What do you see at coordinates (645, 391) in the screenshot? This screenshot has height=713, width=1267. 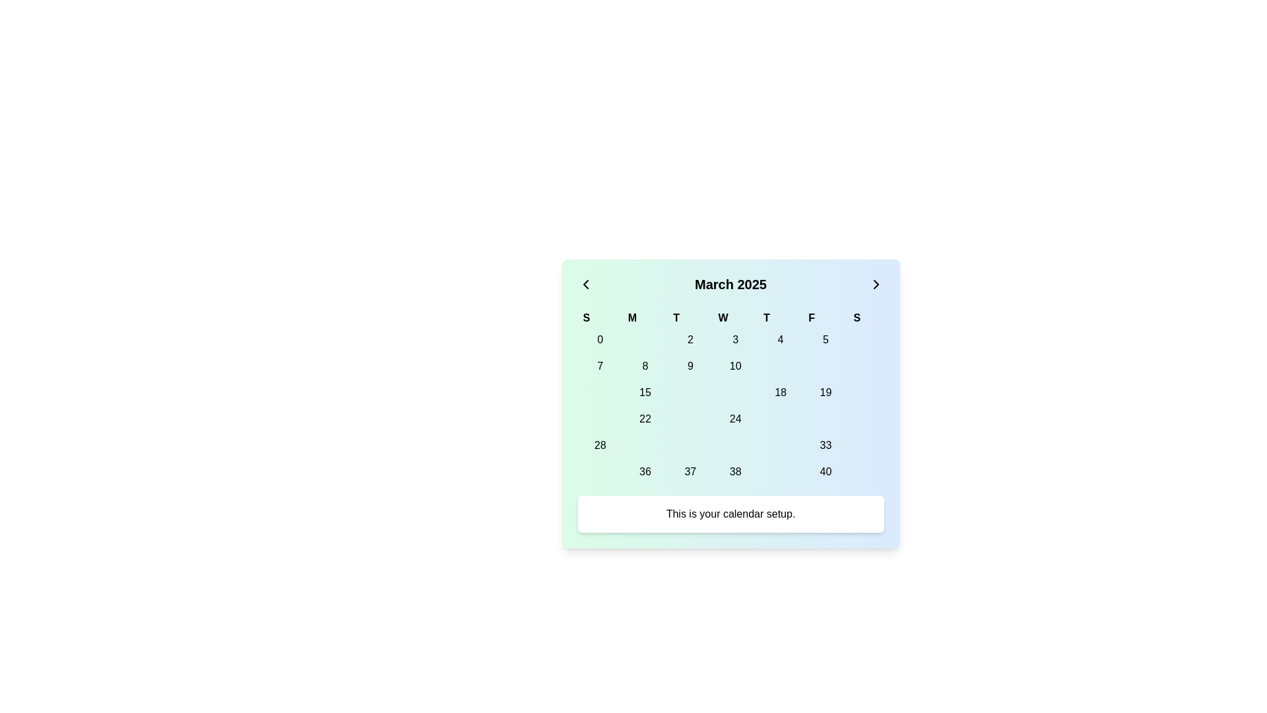 I see `the calendar date cell representing the date in the second week and second day column` at bounding box center [645, 391].